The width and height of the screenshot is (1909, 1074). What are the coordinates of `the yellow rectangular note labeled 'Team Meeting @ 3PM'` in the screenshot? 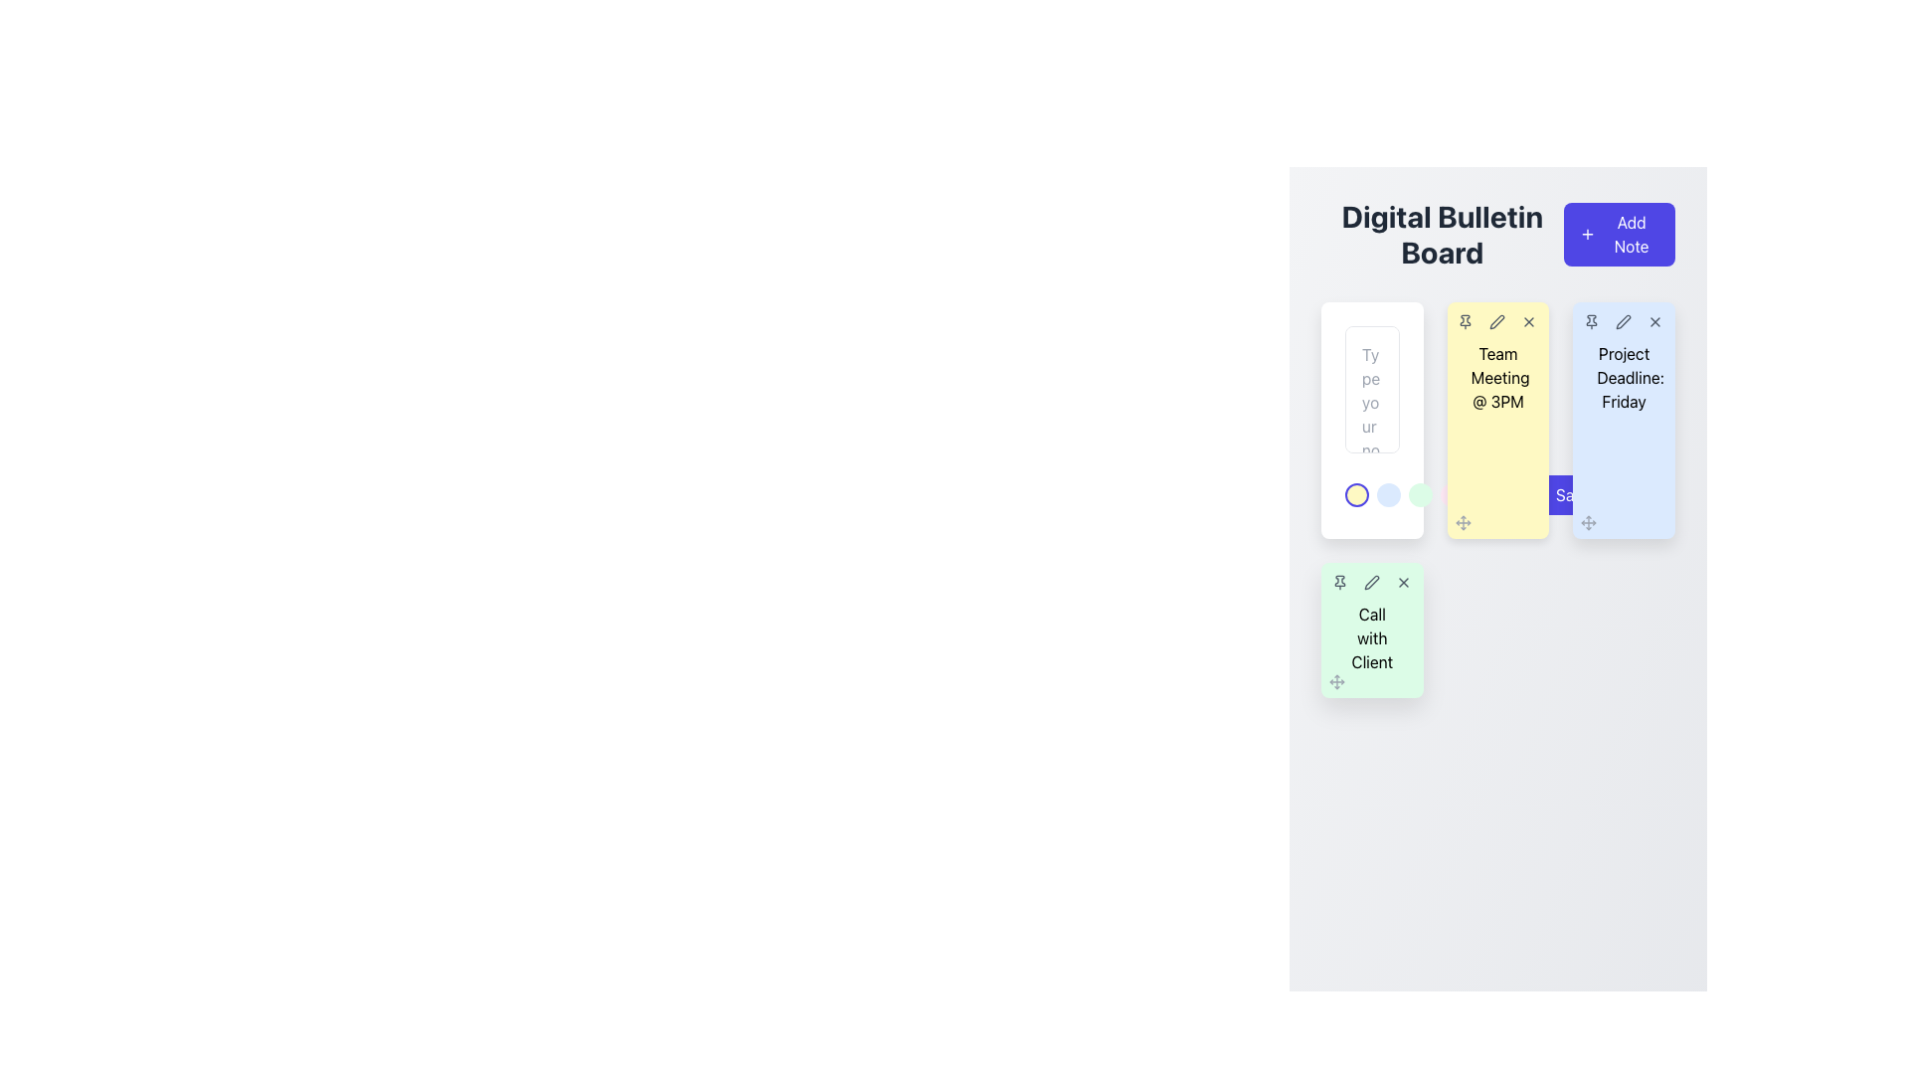 It's located at (1498, 448).